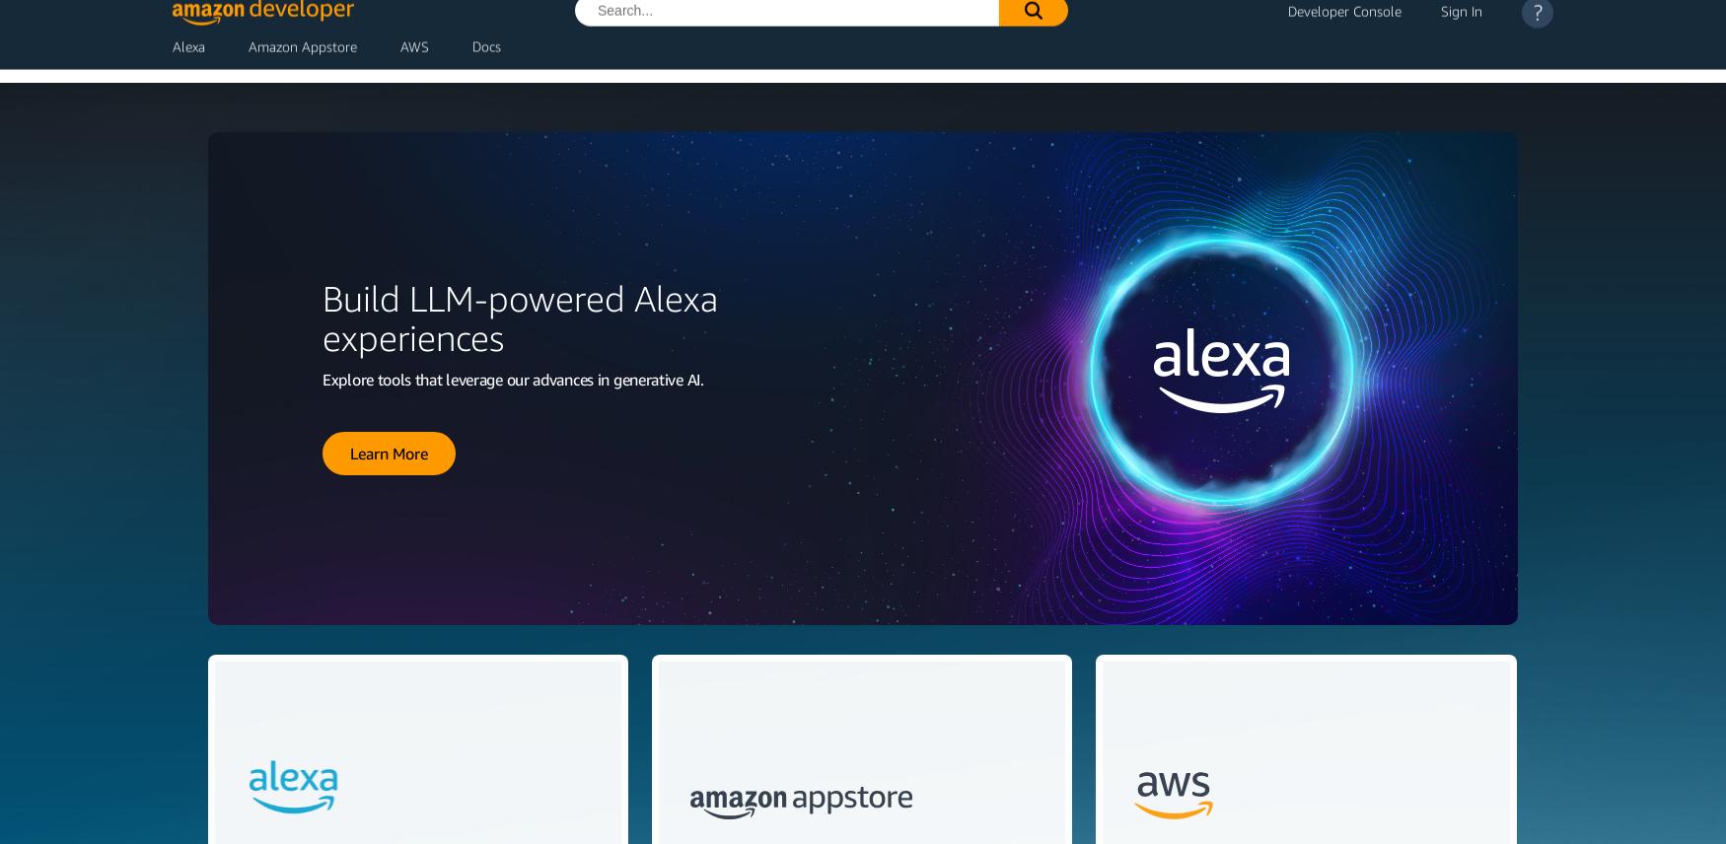  Describe the element at coordinates (388, 452) in the screenshot. I see `'Learn More'` at that location.